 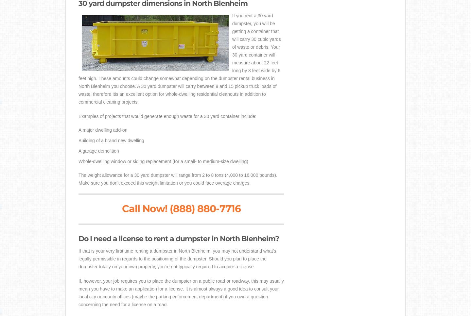 I want to click on 'Building of a brand new dwelling', so click(x=111, y=140).